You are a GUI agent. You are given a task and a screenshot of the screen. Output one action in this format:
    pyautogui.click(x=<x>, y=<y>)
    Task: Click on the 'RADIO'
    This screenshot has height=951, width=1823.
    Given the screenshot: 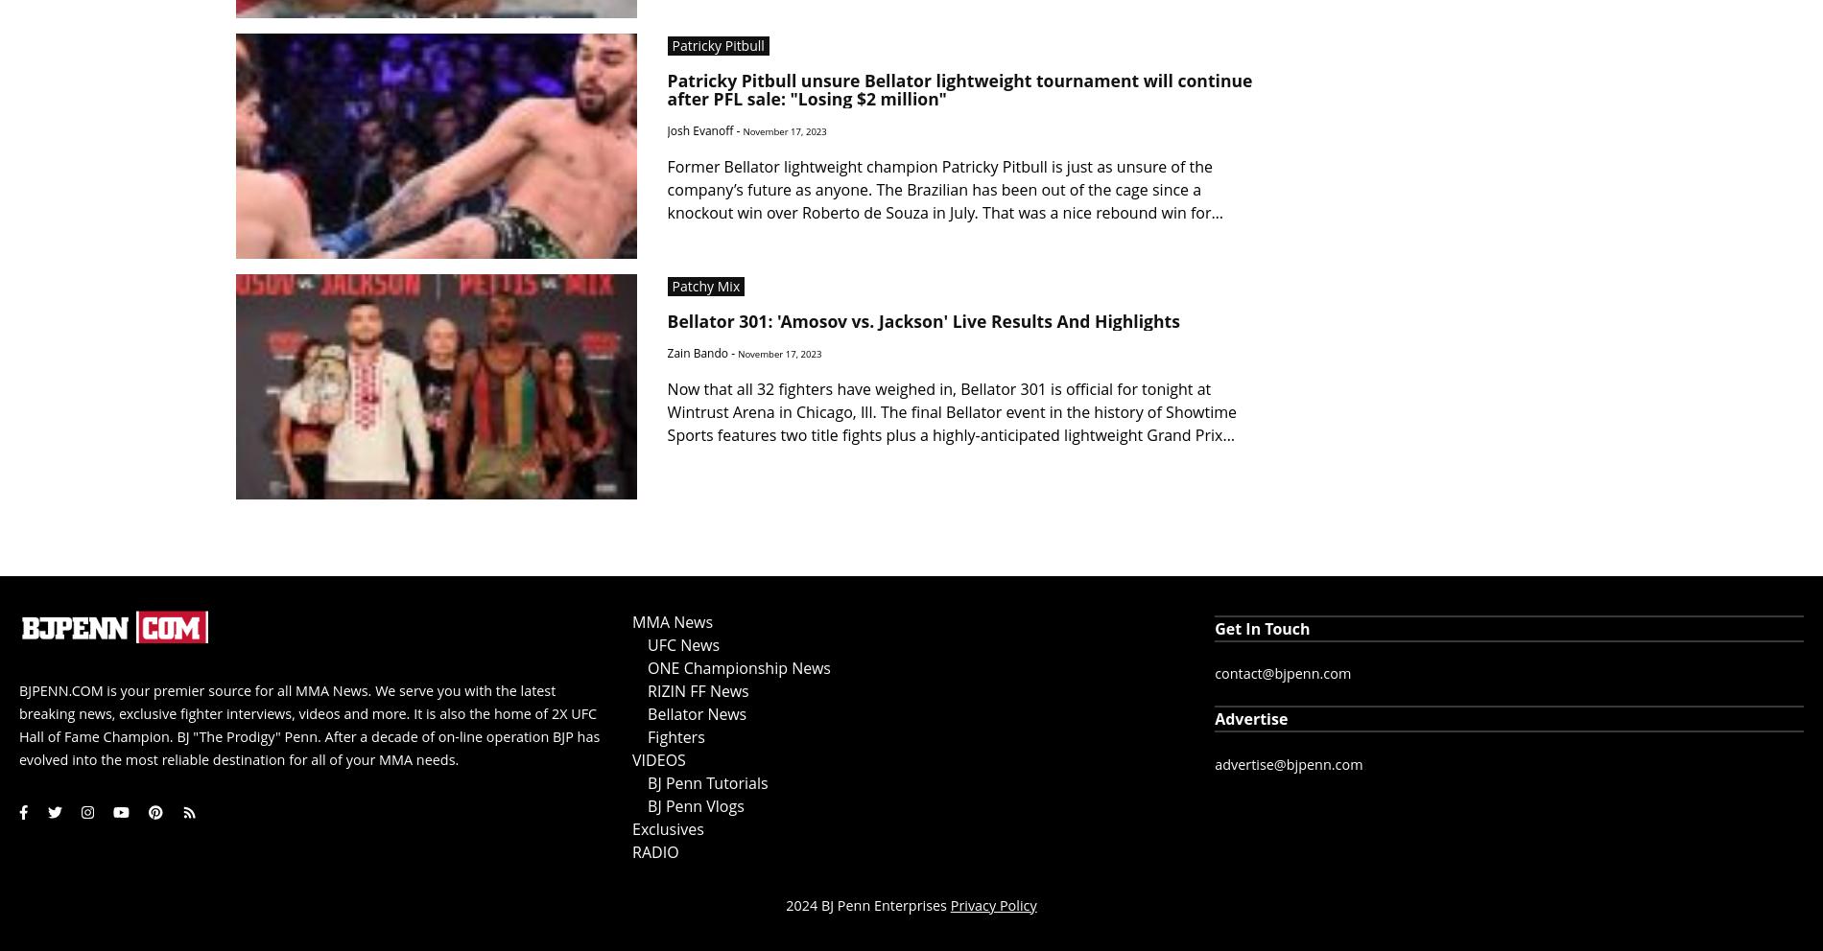 What is the action you would take?
    pyautogui.click(x=655, y=851)
    